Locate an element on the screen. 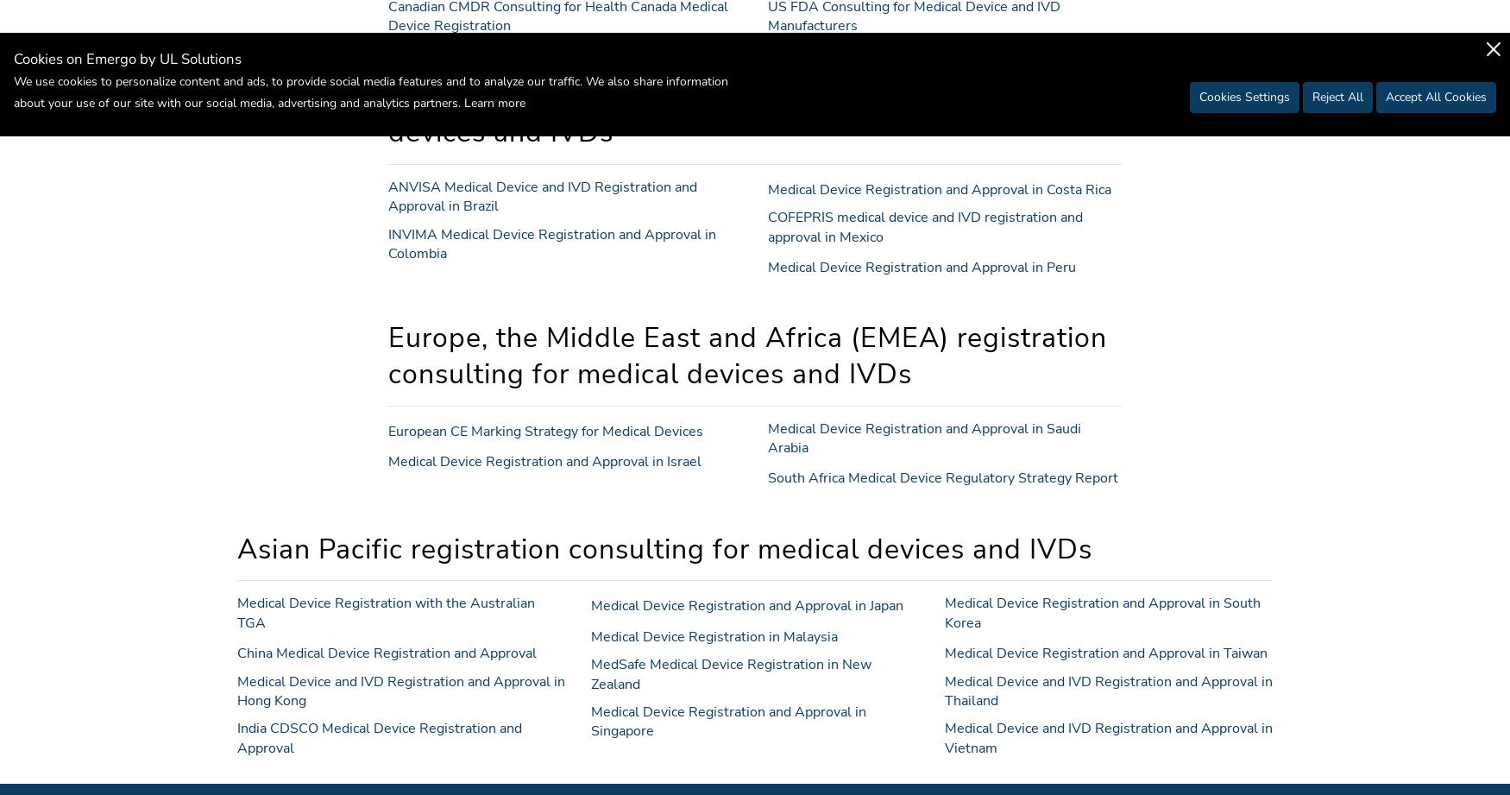  'to top' is located at coordinates (1457, 182).